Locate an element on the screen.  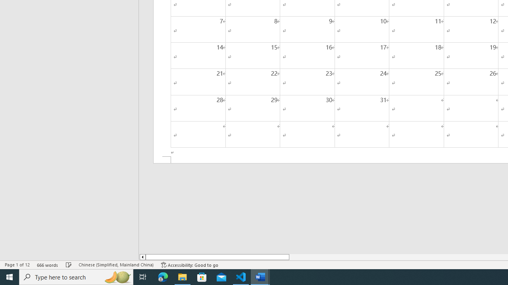
'Page Number Page 1 of 12' is located at coordinates (17, 265).